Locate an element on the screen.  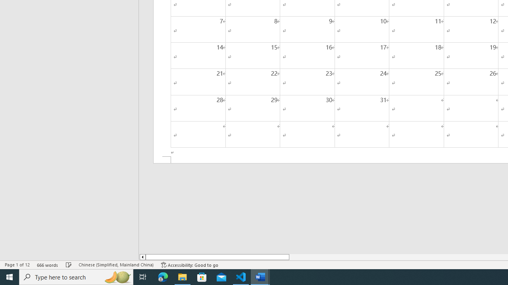
'Page Number Page 1 of 12' is located at coordinates (17, 265).